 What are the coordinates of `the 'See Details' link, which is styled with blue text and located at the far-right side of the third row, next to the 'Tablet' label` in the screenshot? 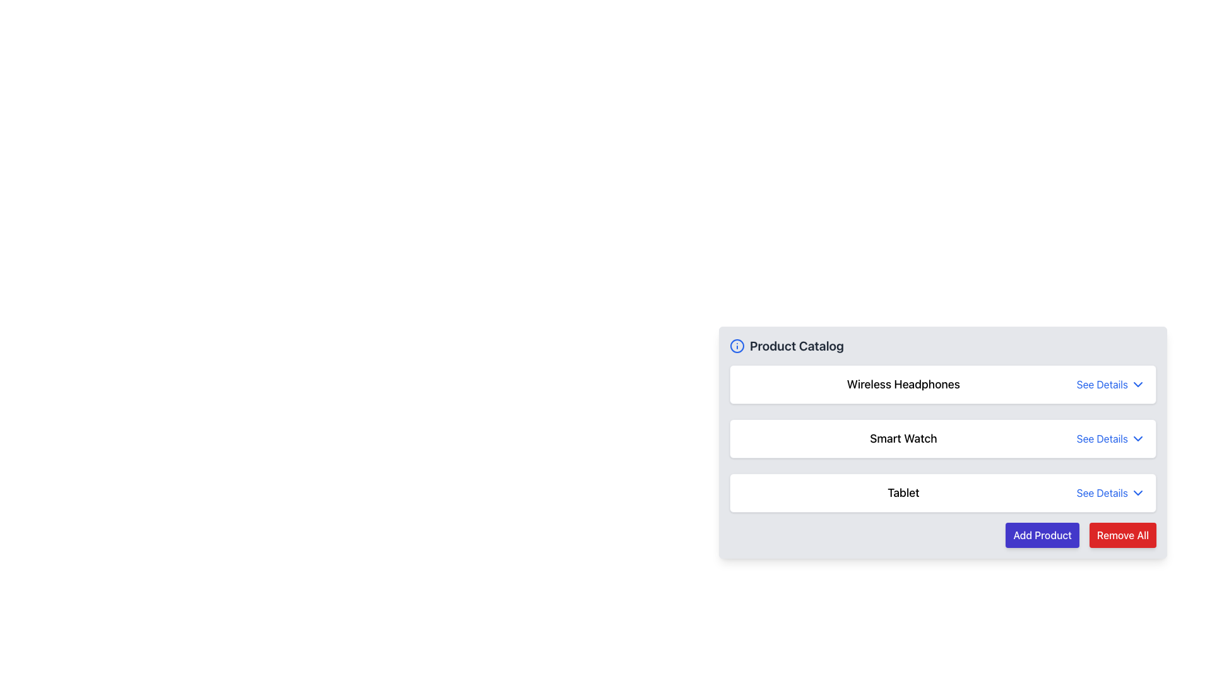 It's located at (1111, 492).